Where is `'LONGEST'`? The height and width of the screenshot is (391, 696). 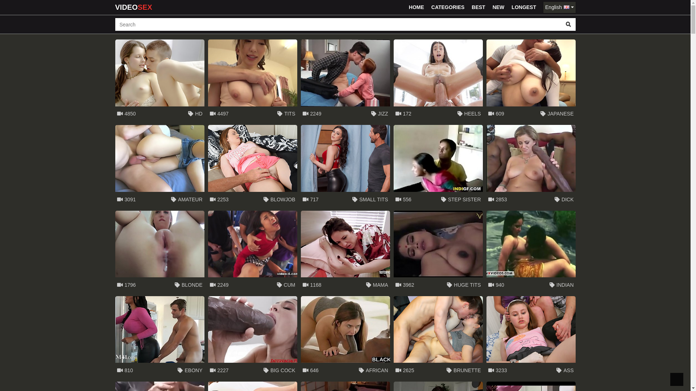 'LONGEST' is located at coordinates (523, 7).